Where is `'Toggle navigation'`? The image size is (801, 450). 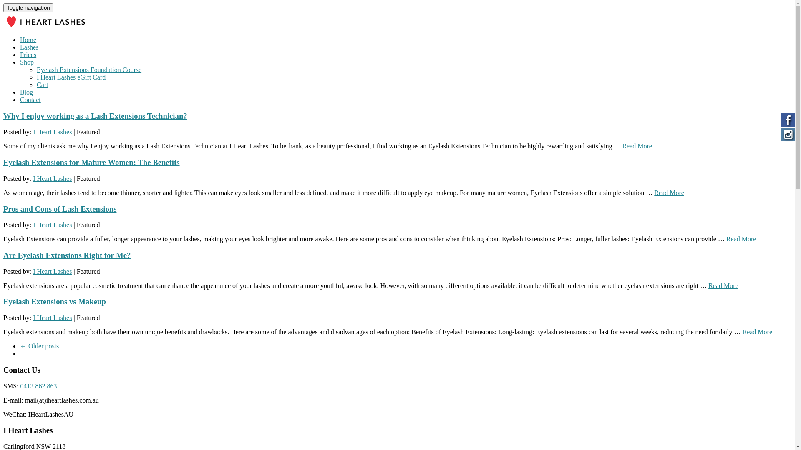 'Toggle navigation' is located at coordinates (28, 7).